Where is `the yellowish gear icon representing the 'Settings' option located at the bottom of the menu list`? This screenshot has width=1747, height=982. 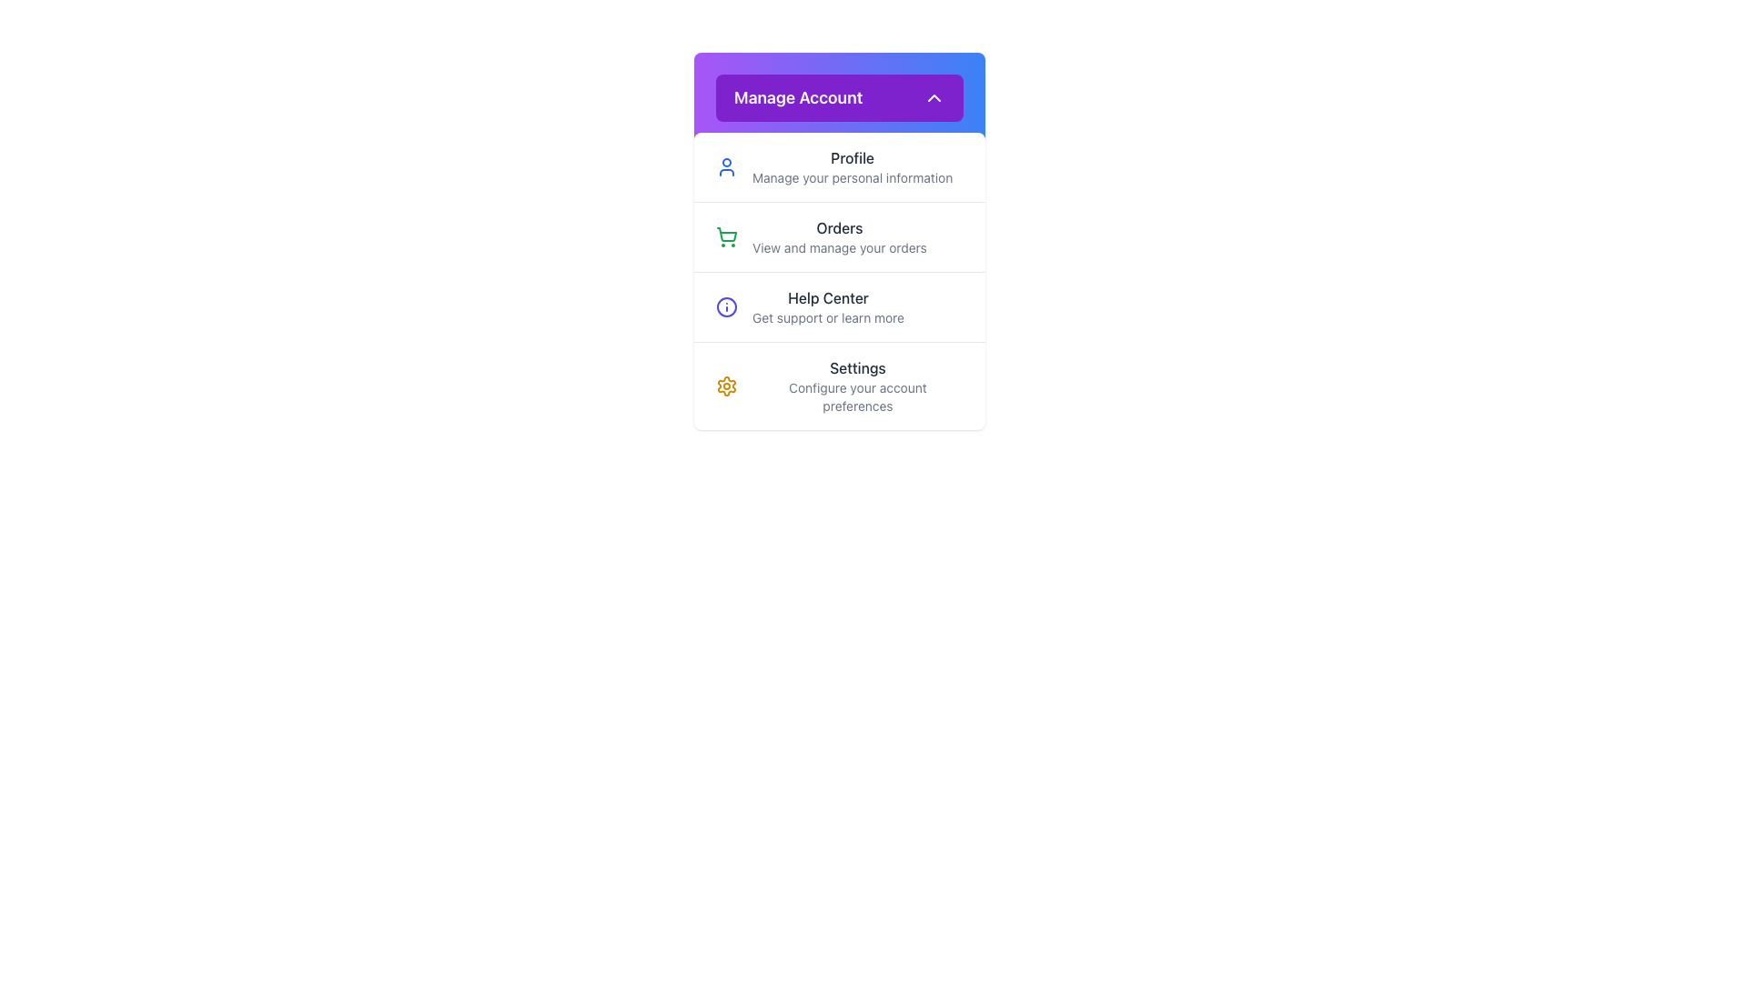
the yellowish gear icon representing the 'Settings' option located at the bottom of the menu list is located at coordinates (725, 385).